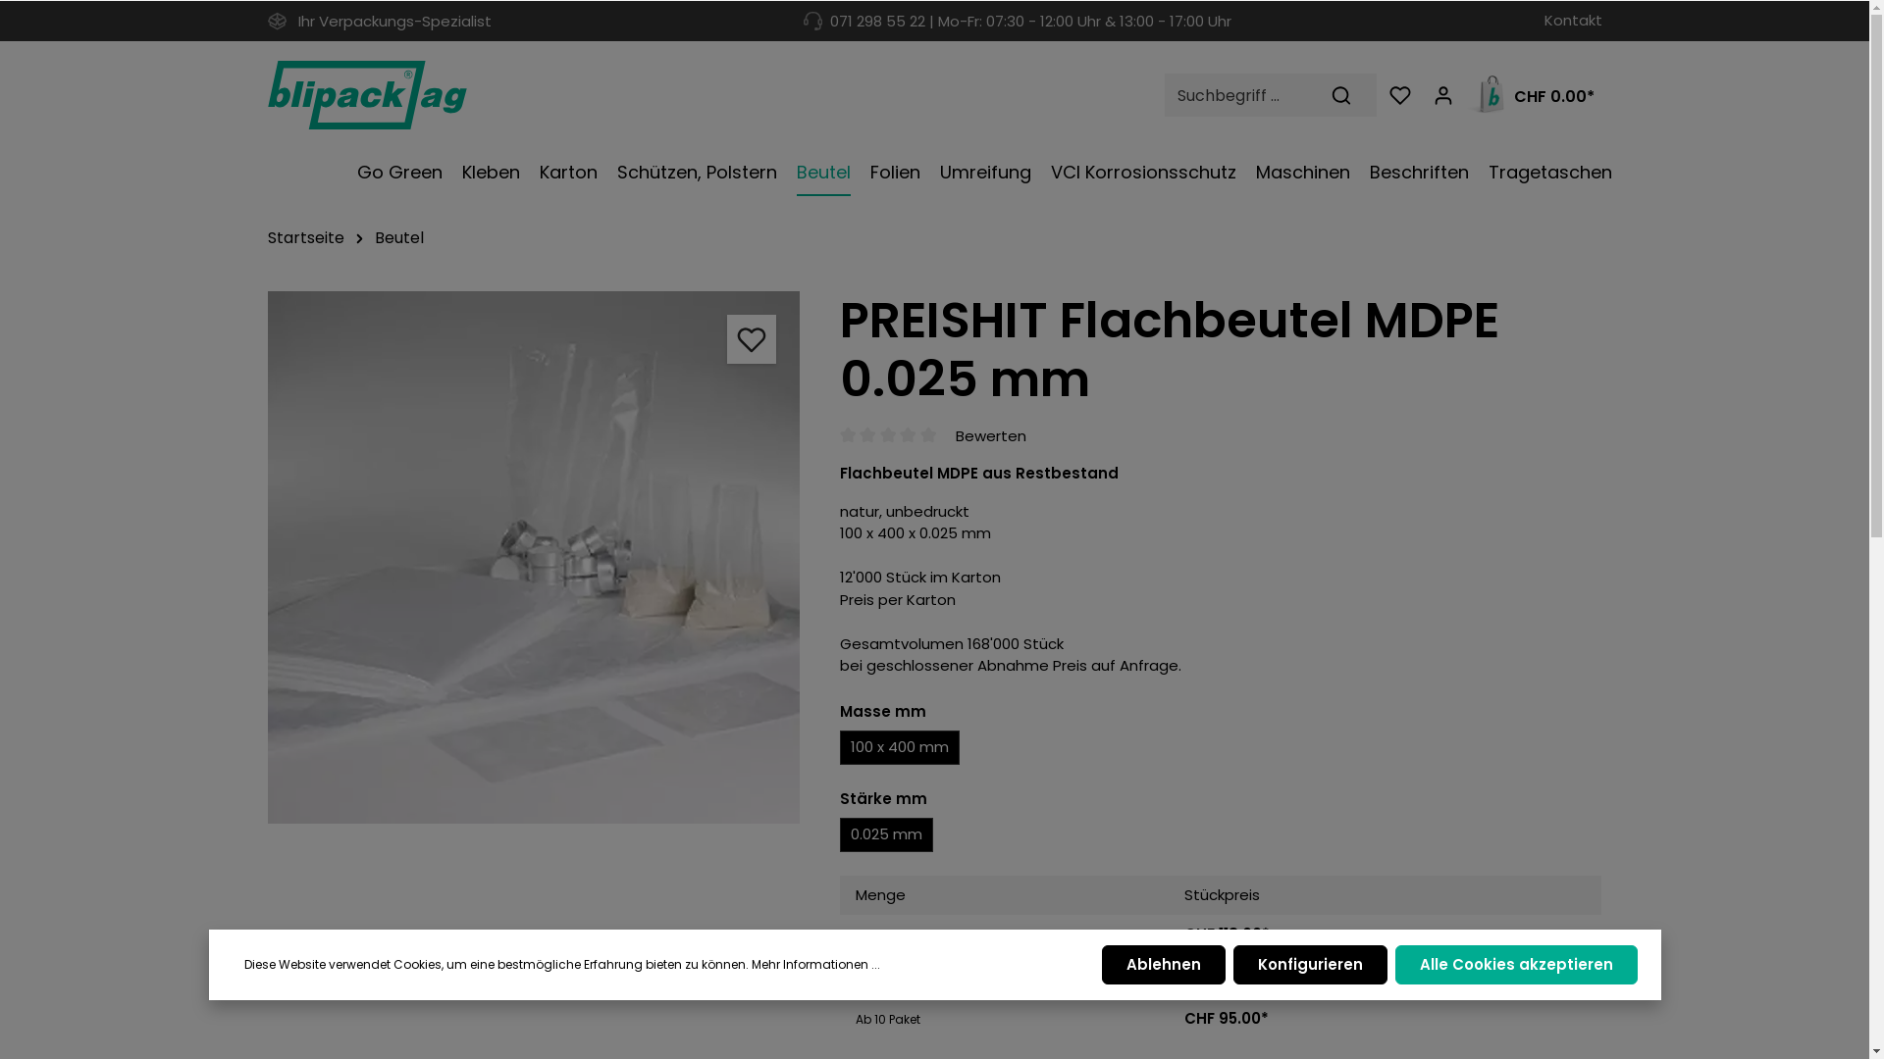  Describe the element at coordinates (1548, 172) in the screenshot. I see `'Tragetaschen'` at that location.